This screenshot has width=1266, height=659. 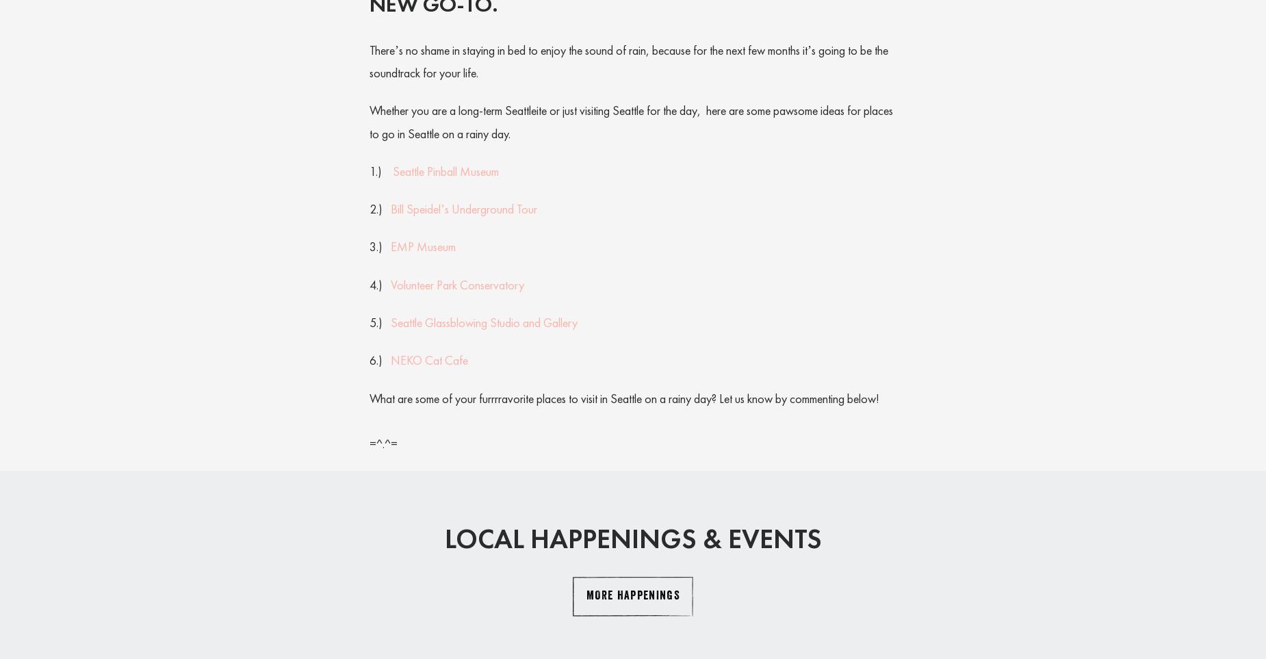 What do you see at coordinates (370, 322) in the screenshot?
I see `'5.)'` at bounding box center [370, 322].